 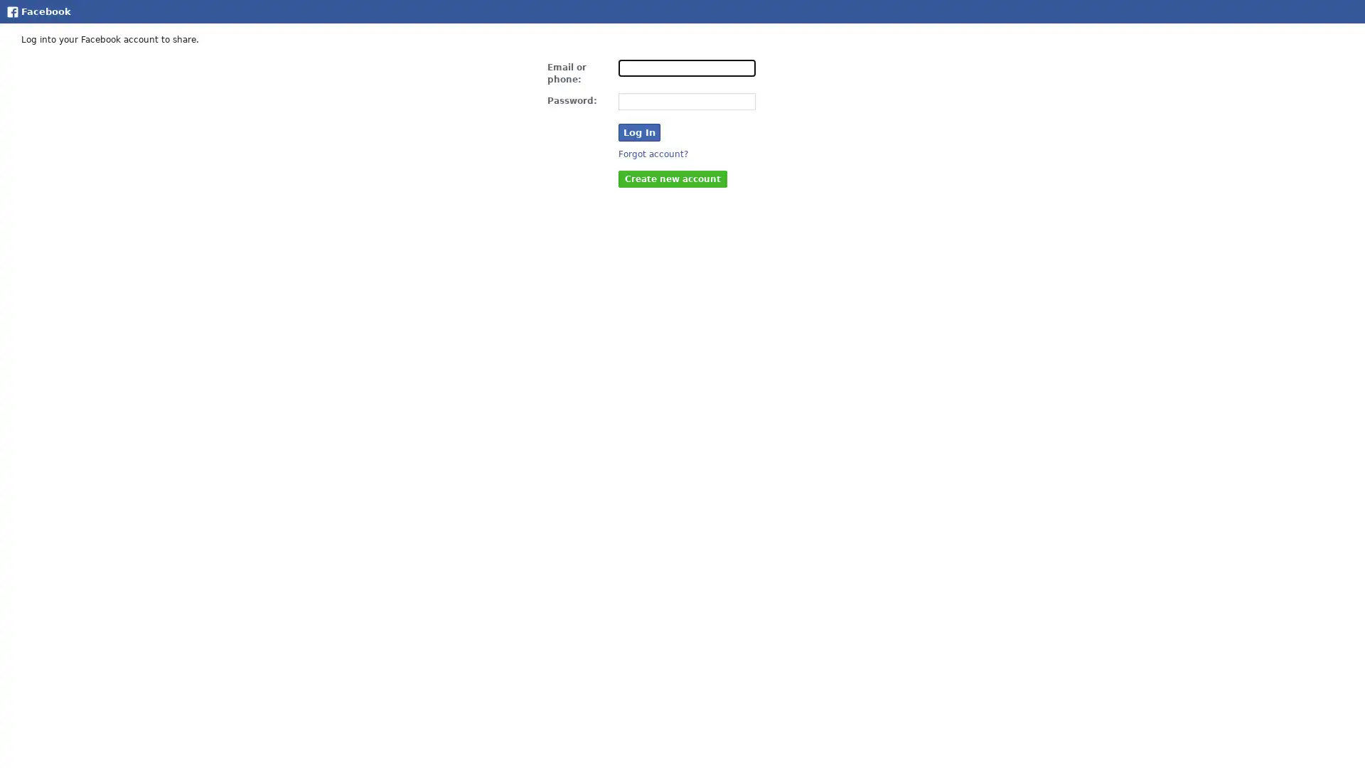 I want to click on Create new account, so click(x=672, y=177).